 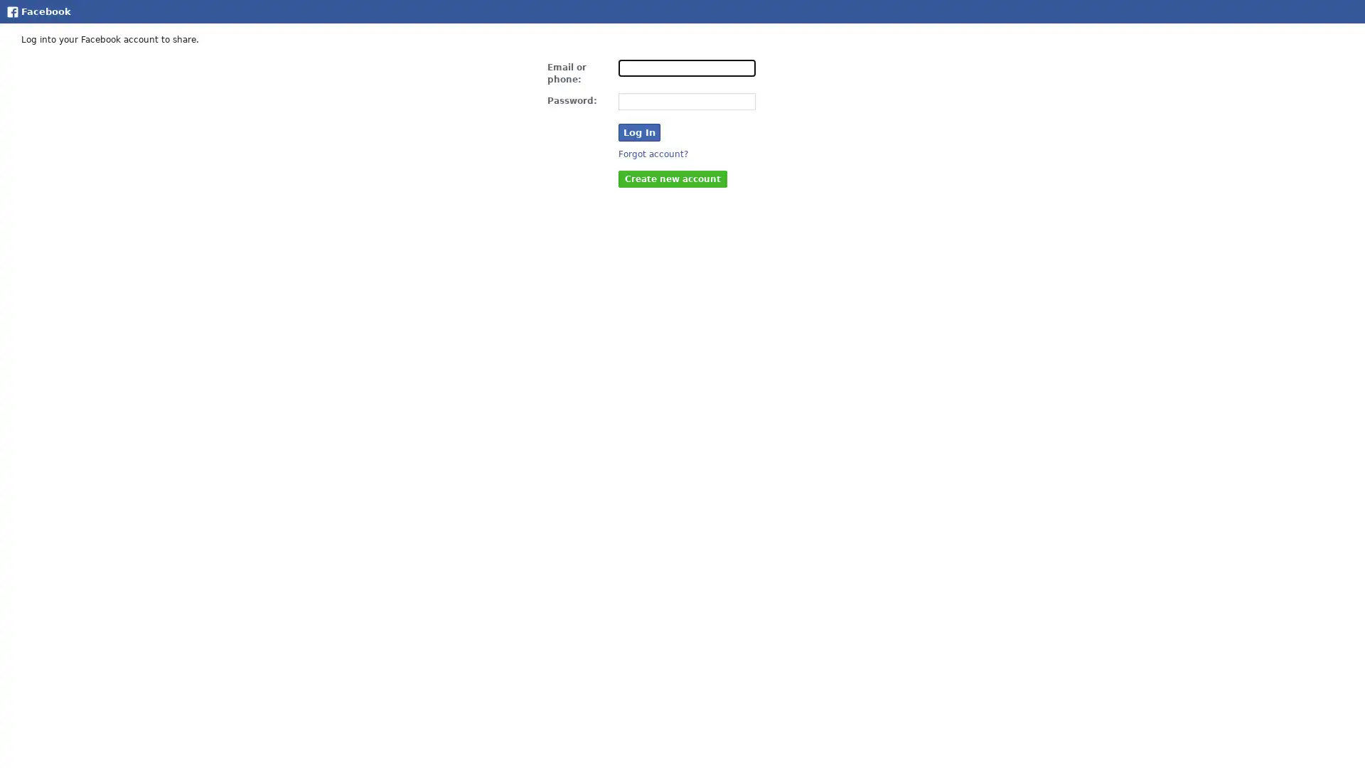 I want to click on Create new account, so click(x=672, y=177).